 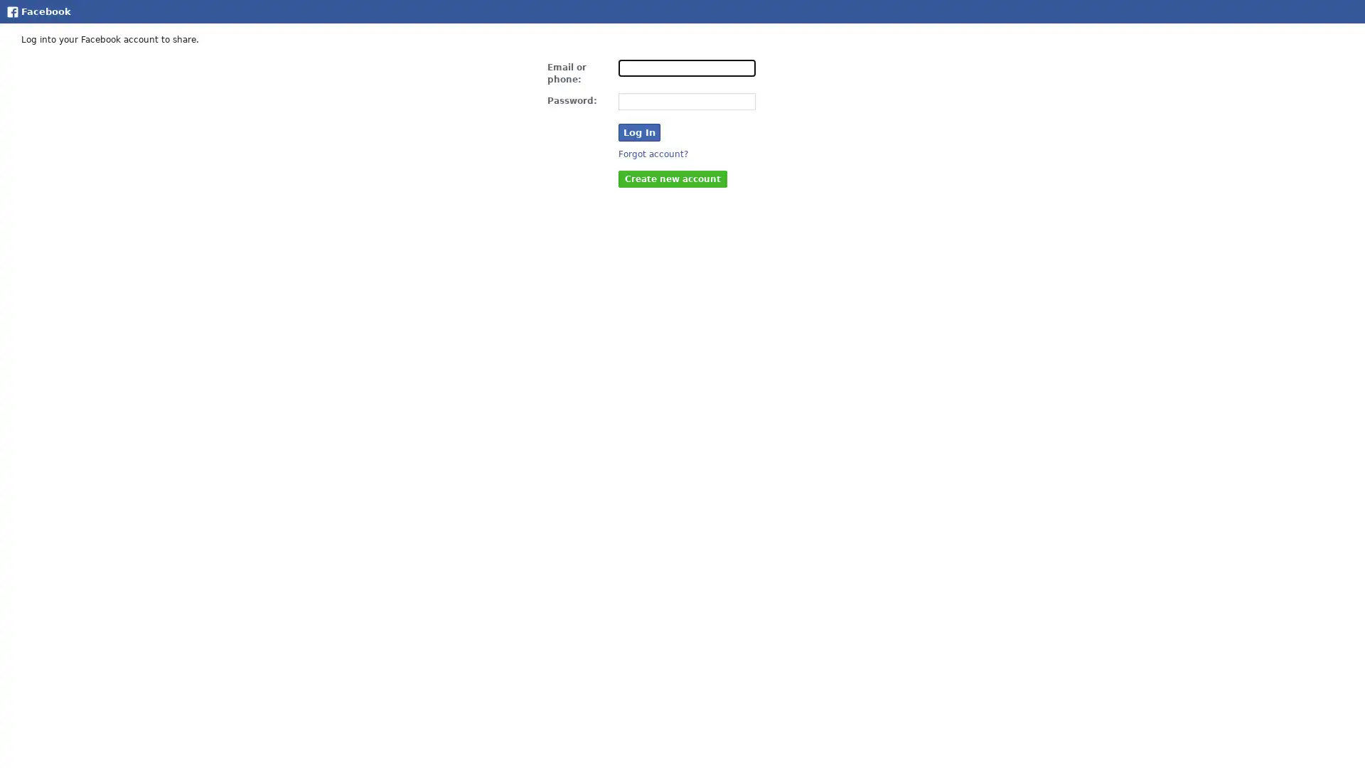 I want to click on Create new account, so click(x=672, y=177).